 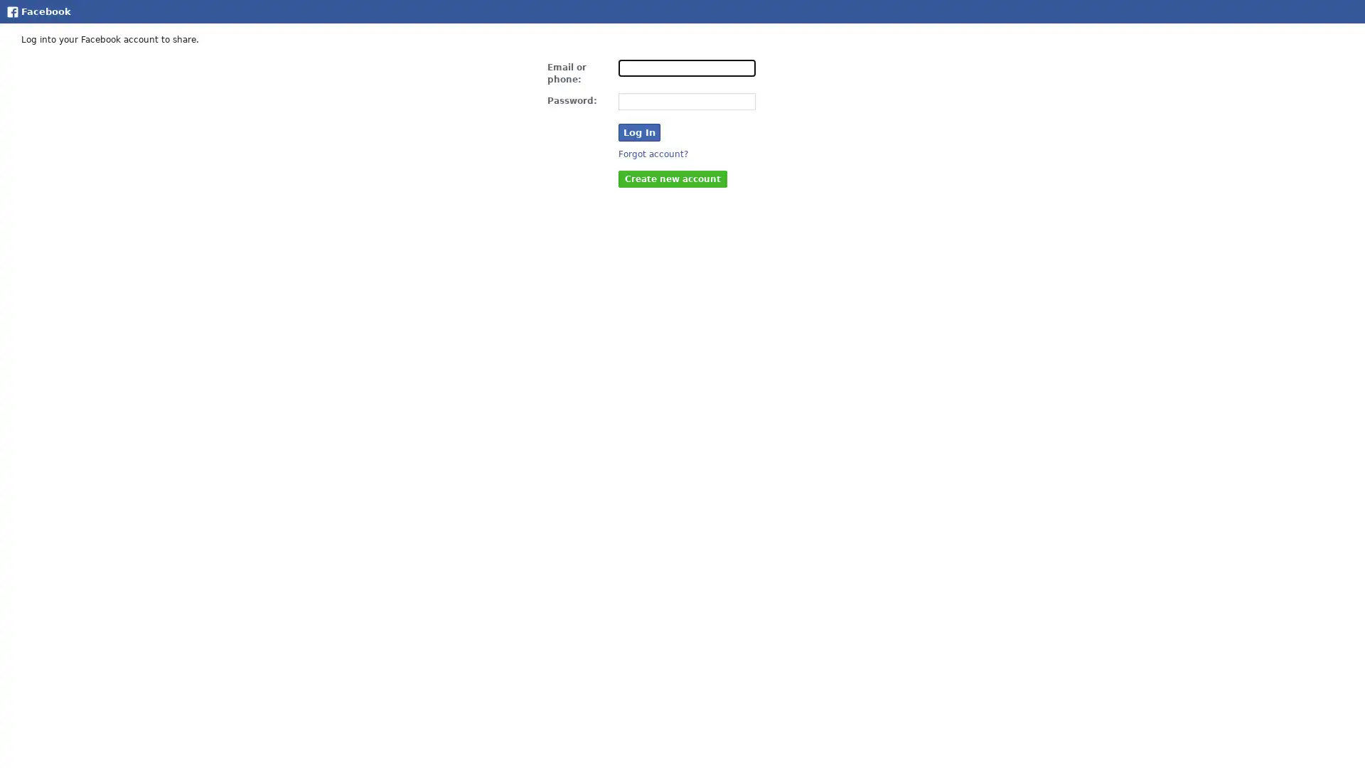 I want to click on Create new account, so click(x=672, y=177).